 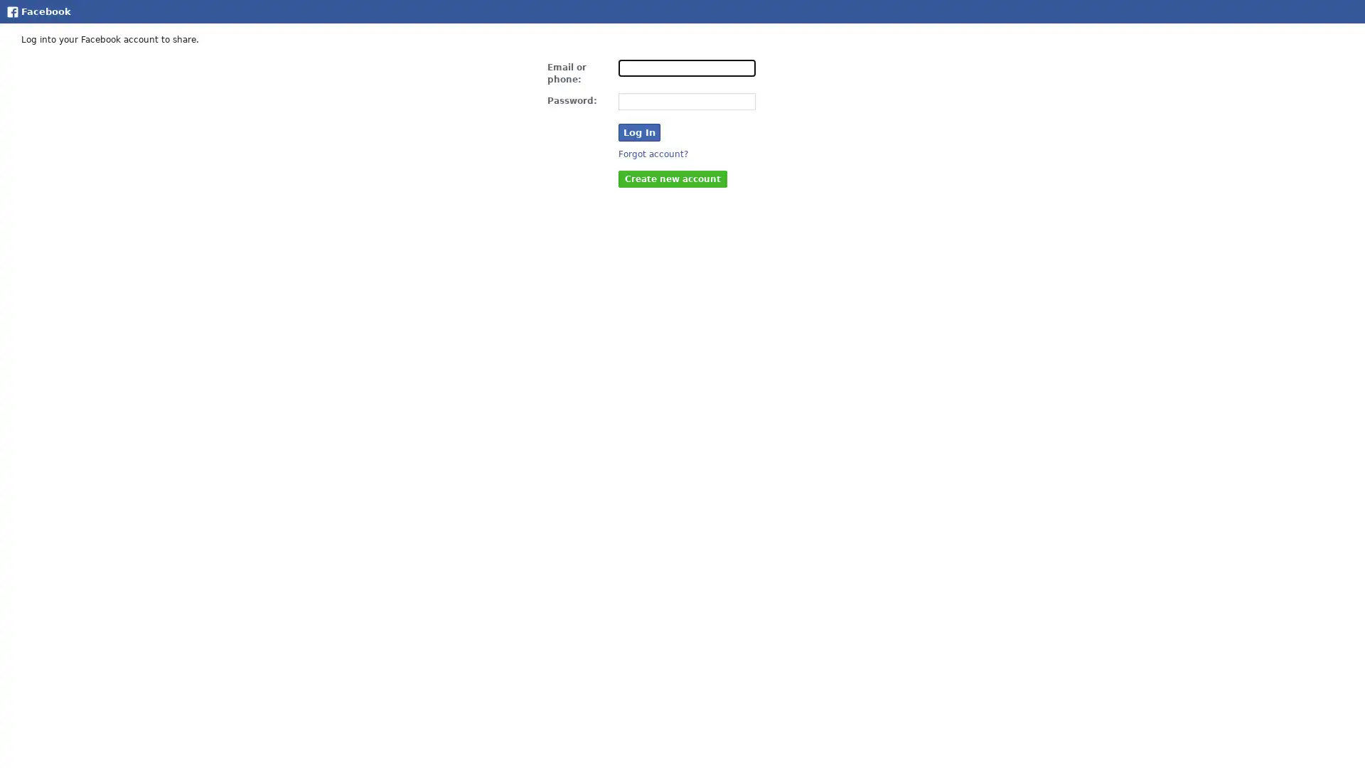 I want to click on Create new account, so click(x=672, y=177).